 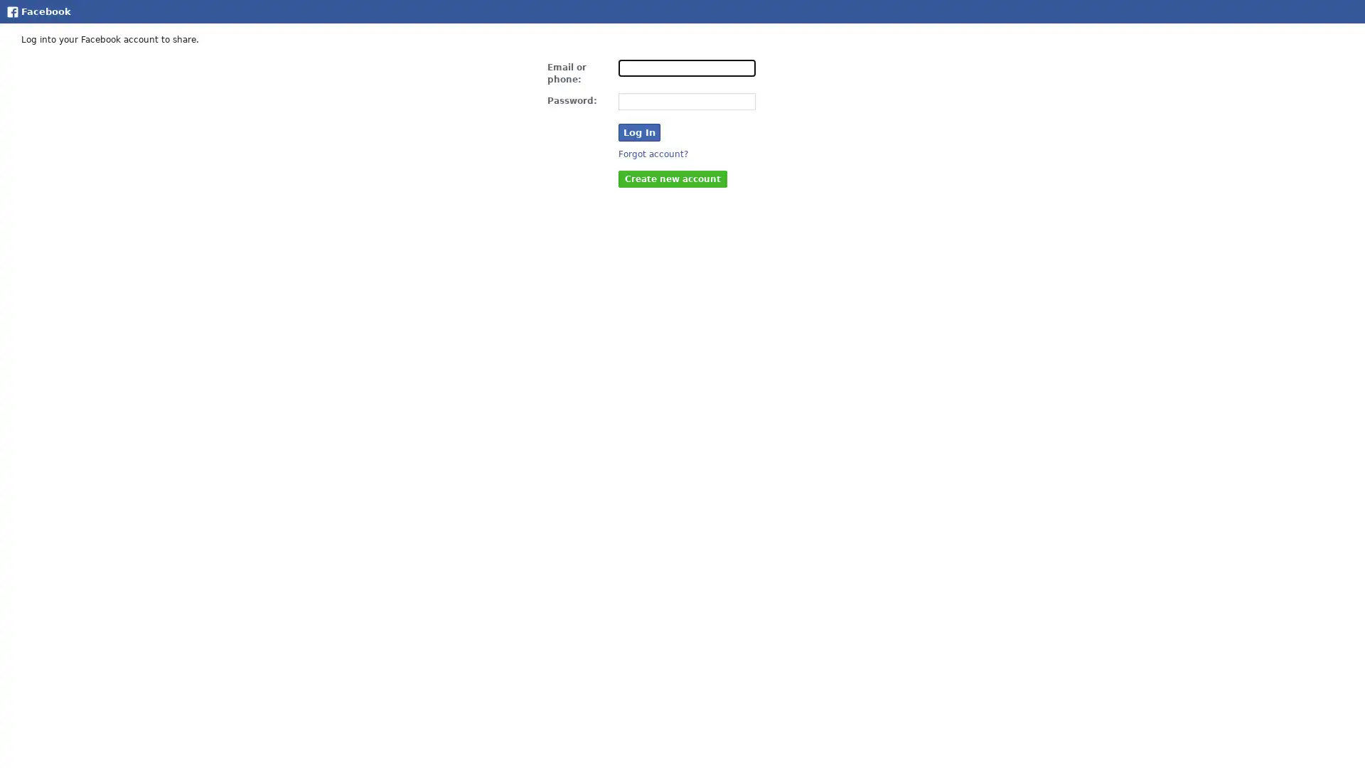 I want to click on Create new account, so click(x=672, y=177).